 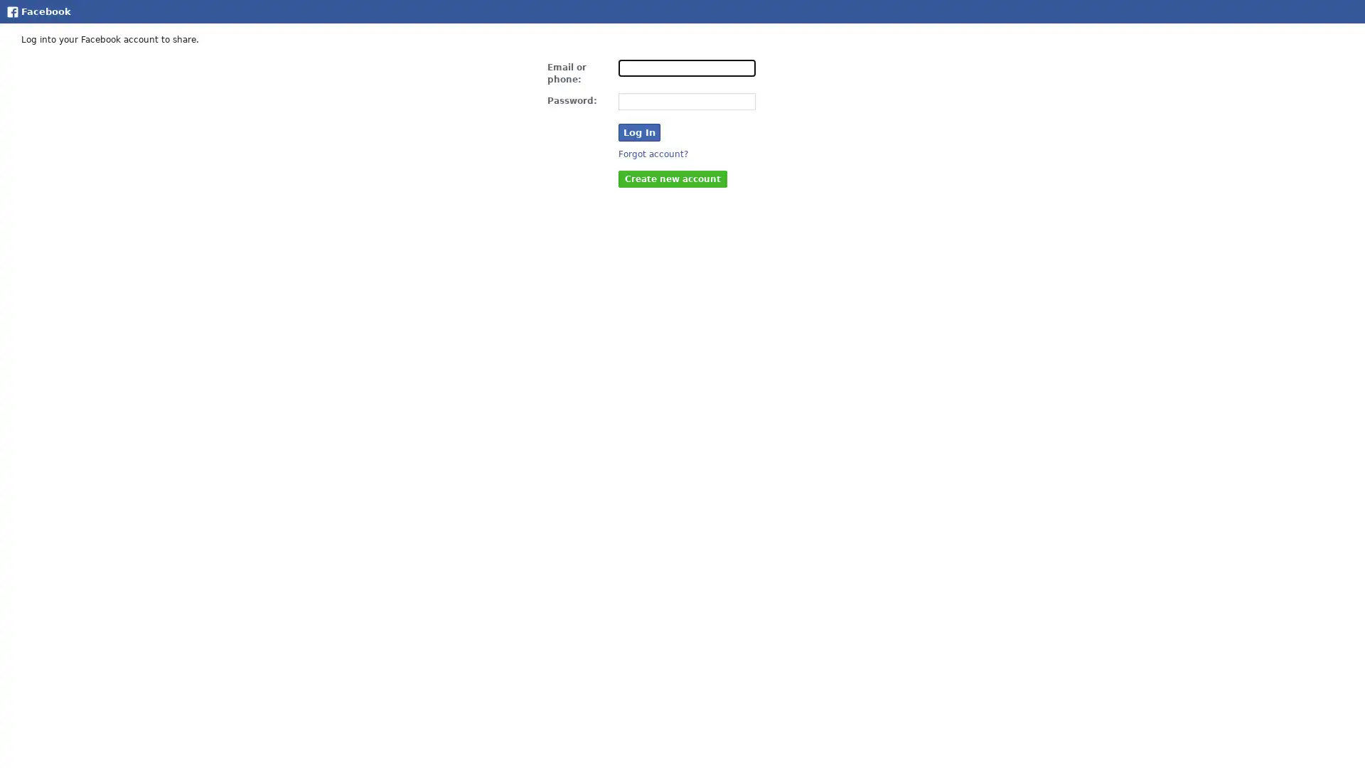 I want to click on Create new account, so click(x=672, y=177).